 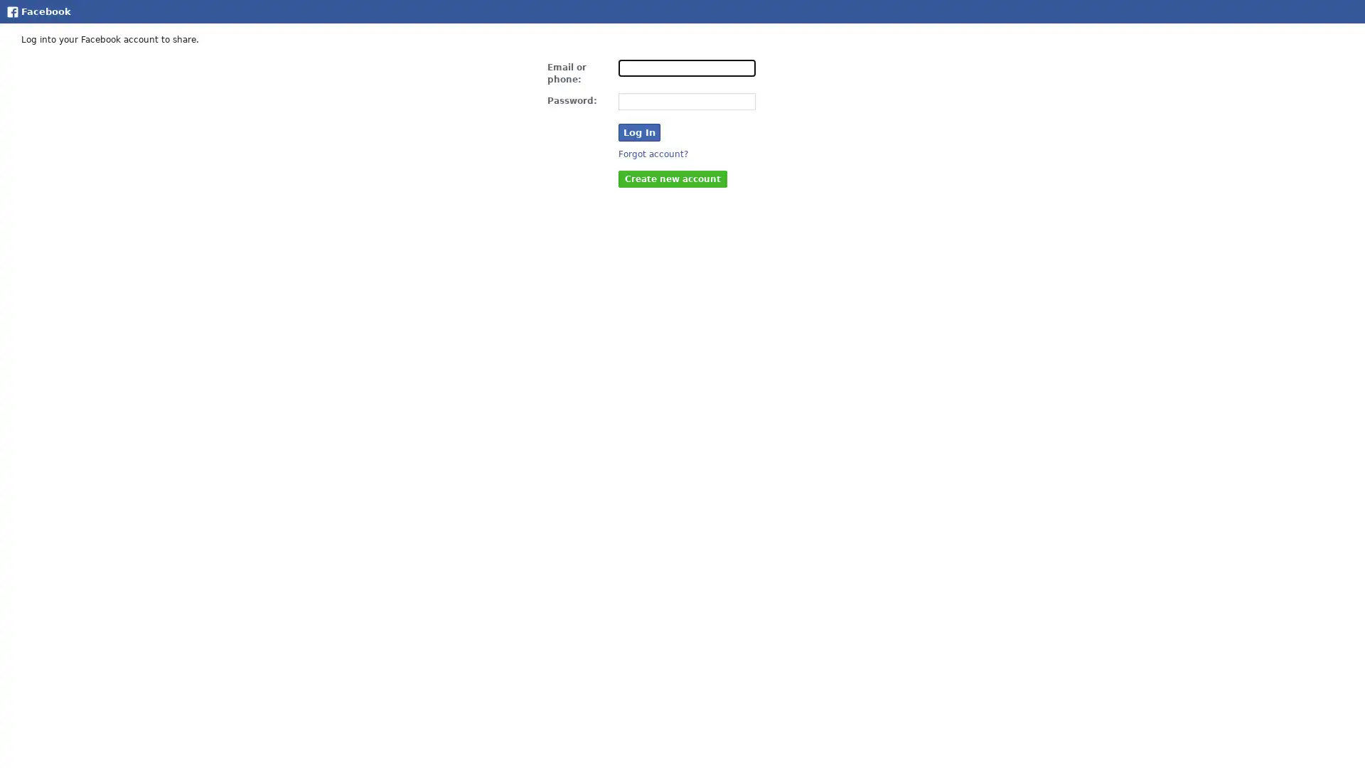 I want to click on Create new account, so click(x=672, y=177).